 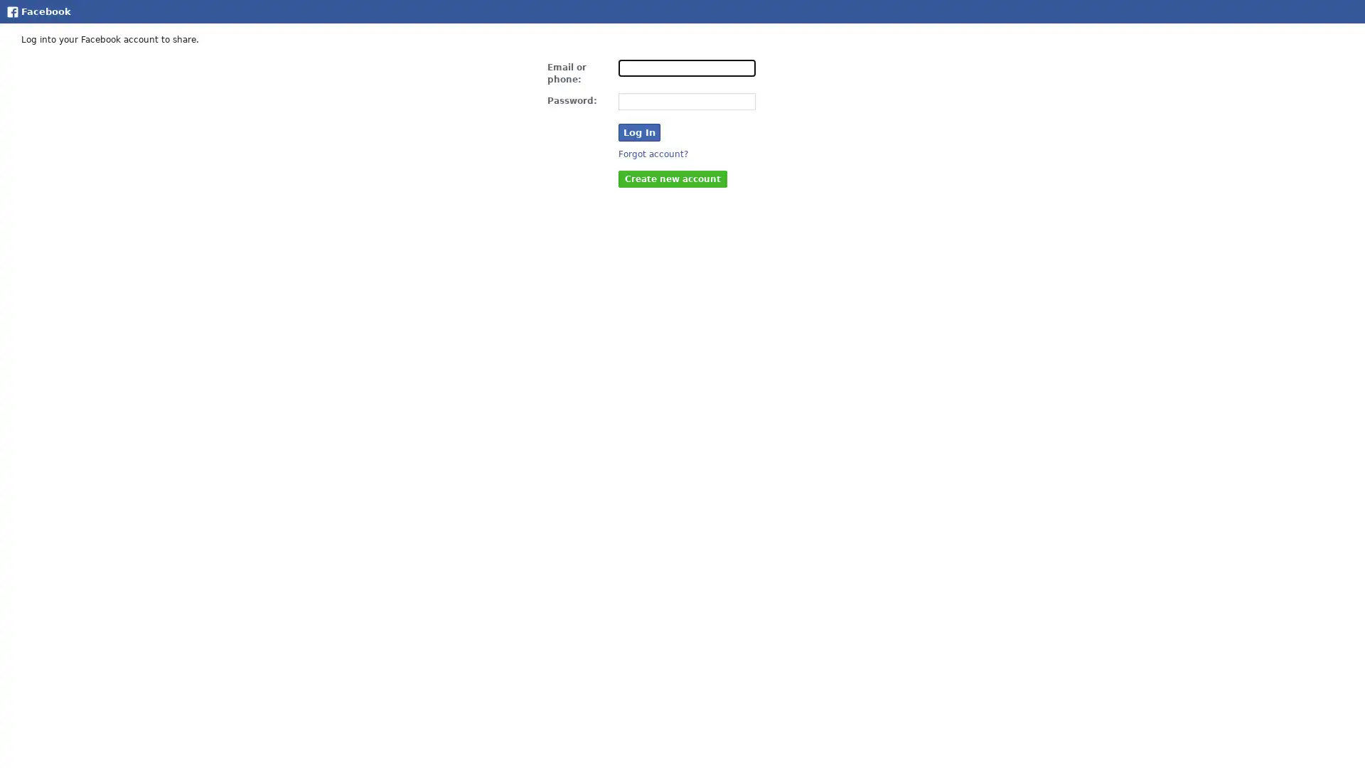 I want to click on Create new account, so click(x=672, y=177).